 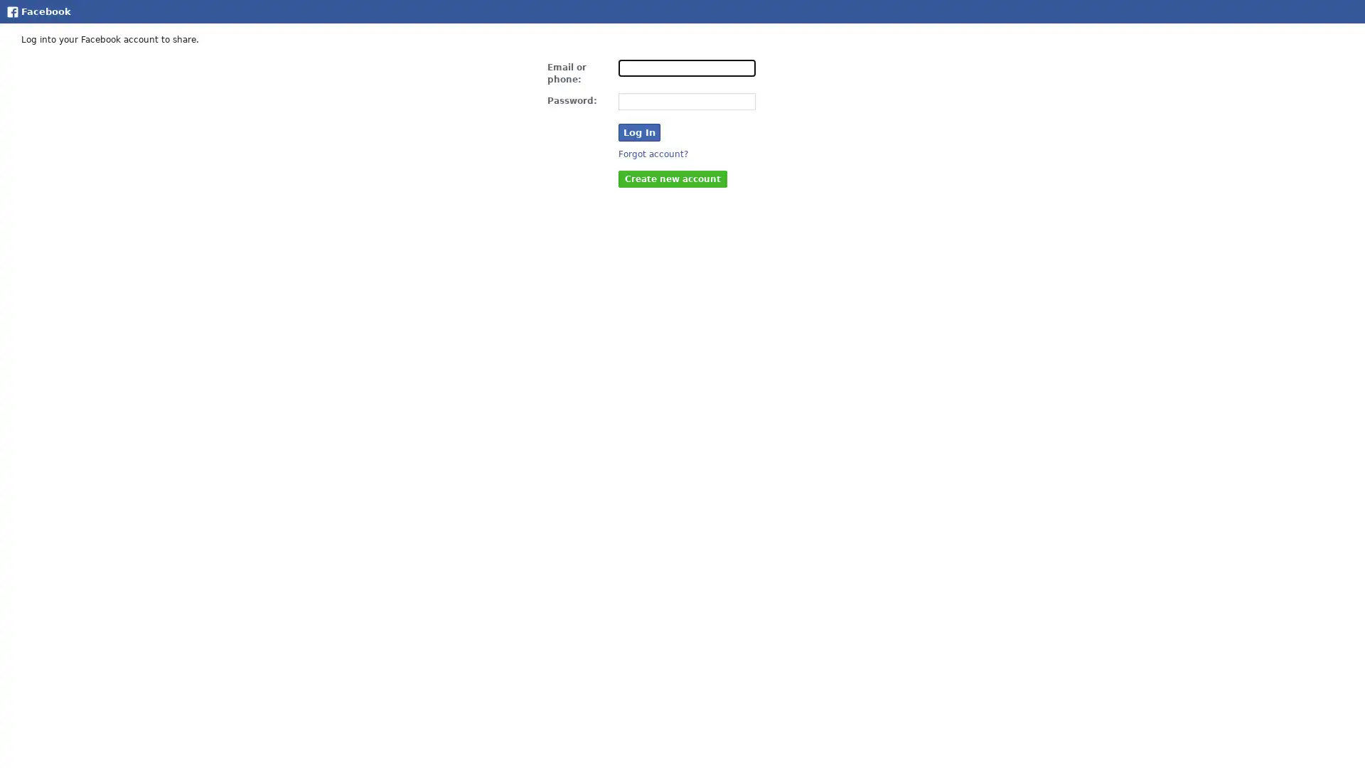 I want to click on Create new account, so click(x=672, y=177).